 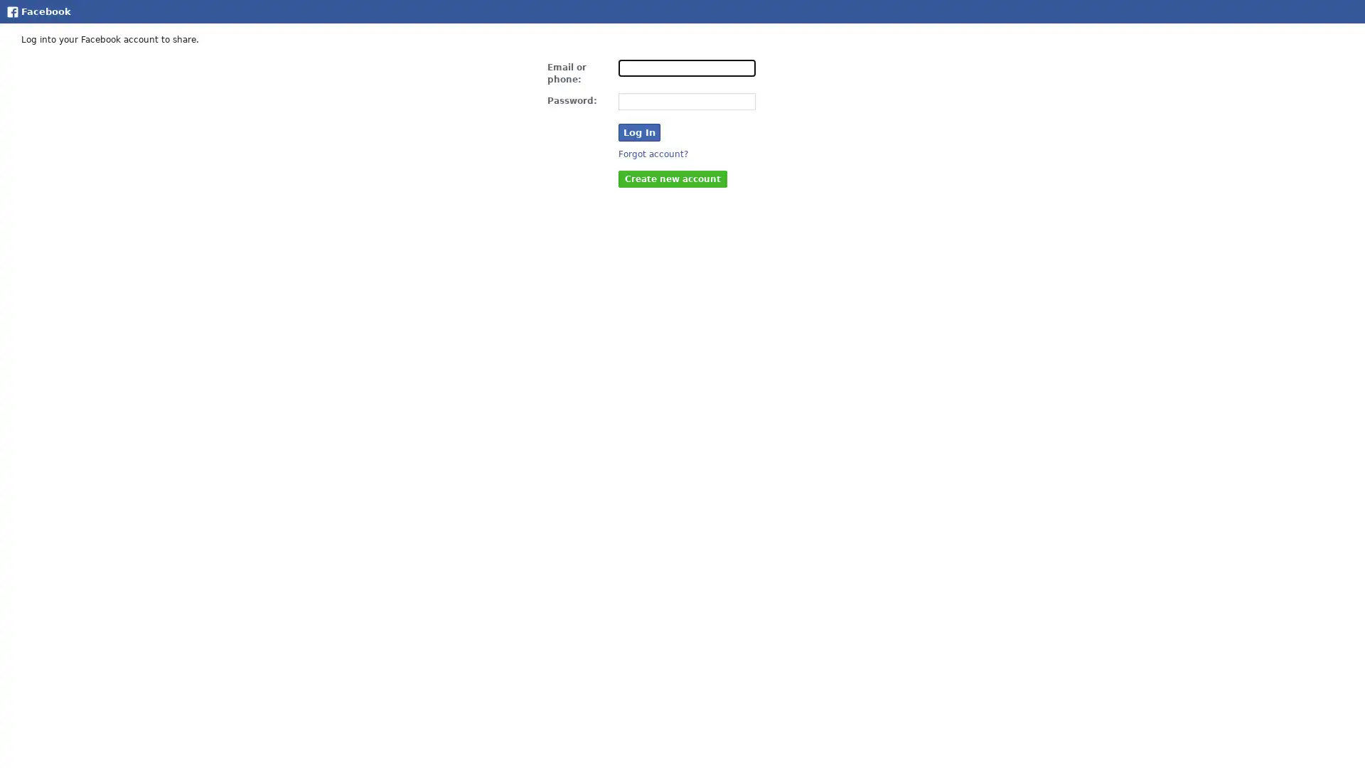 I want to click on Create new account, so click(x=672, y=177).